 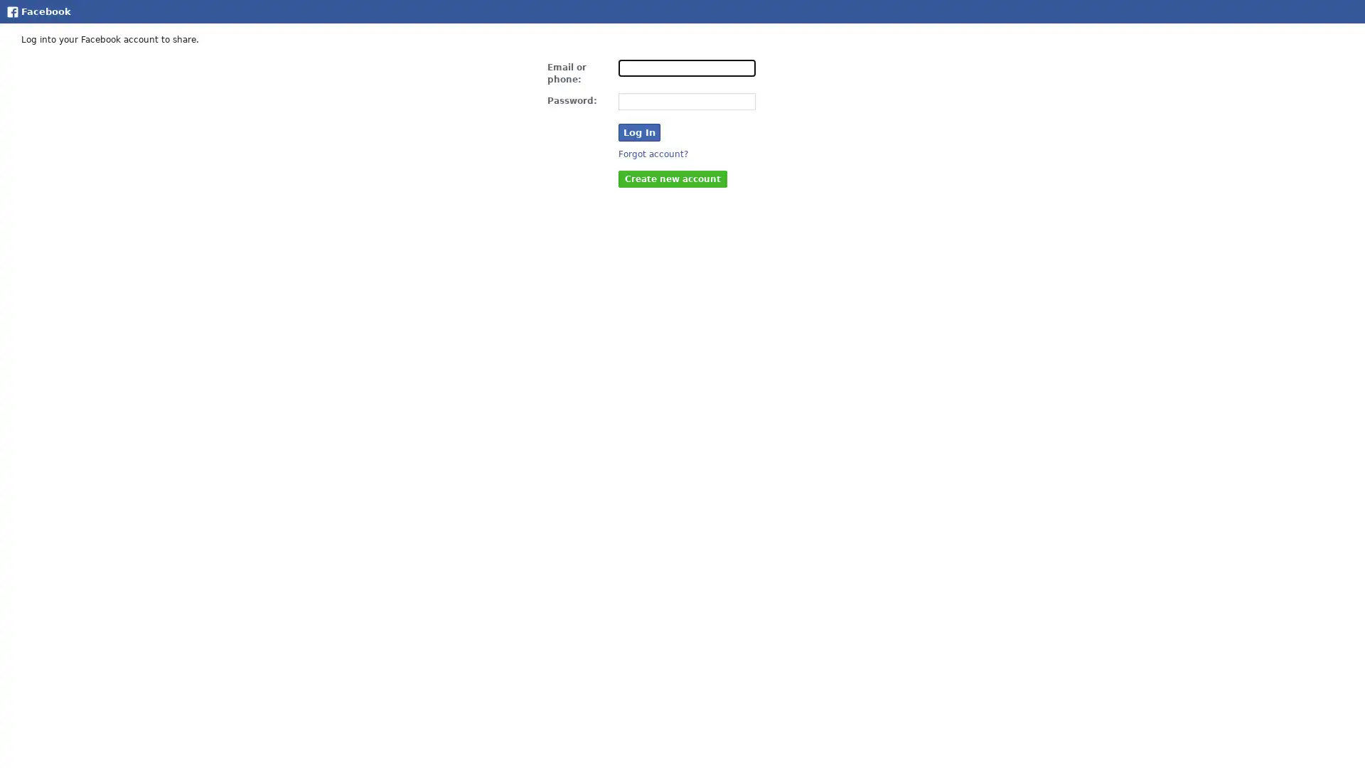 I want to click on Create new account, so click(x=672, y=177).